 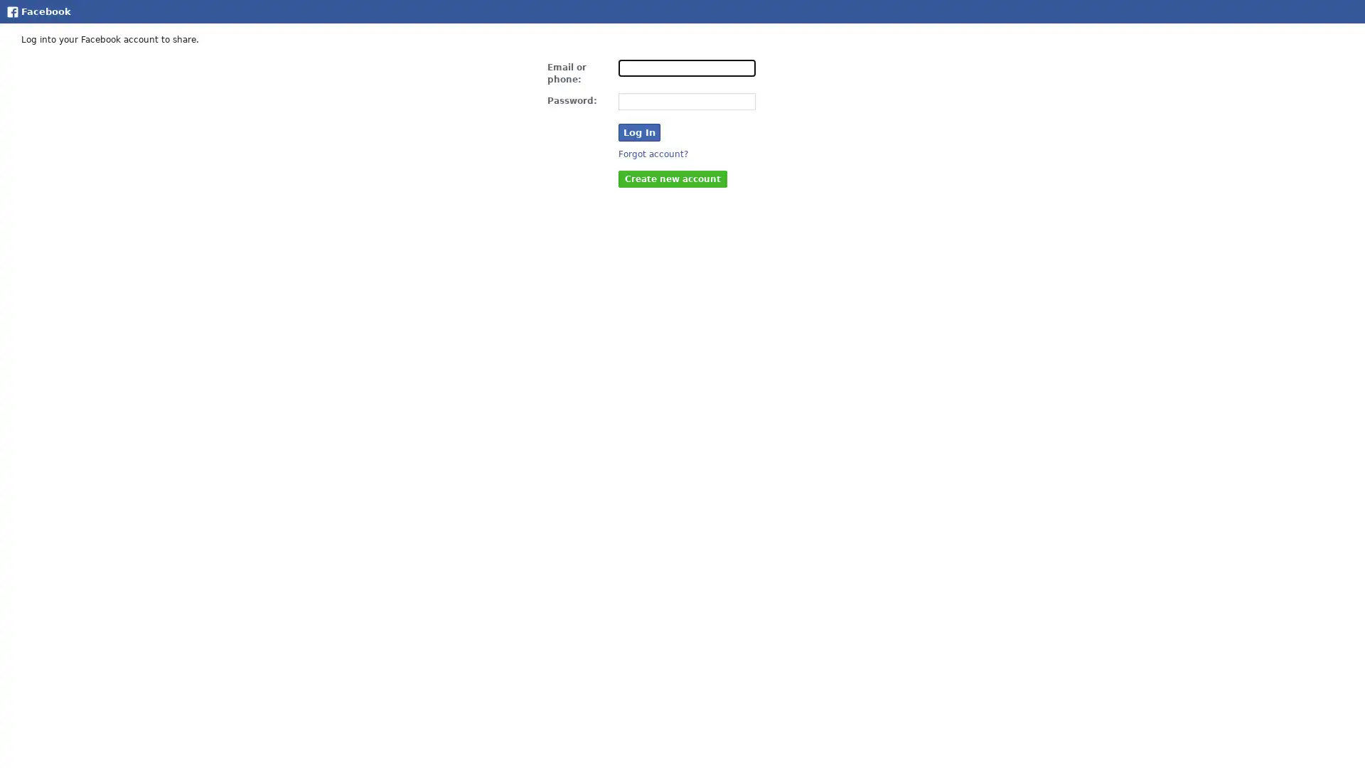 I want to click on Create new account, so click(x=672, y=177).